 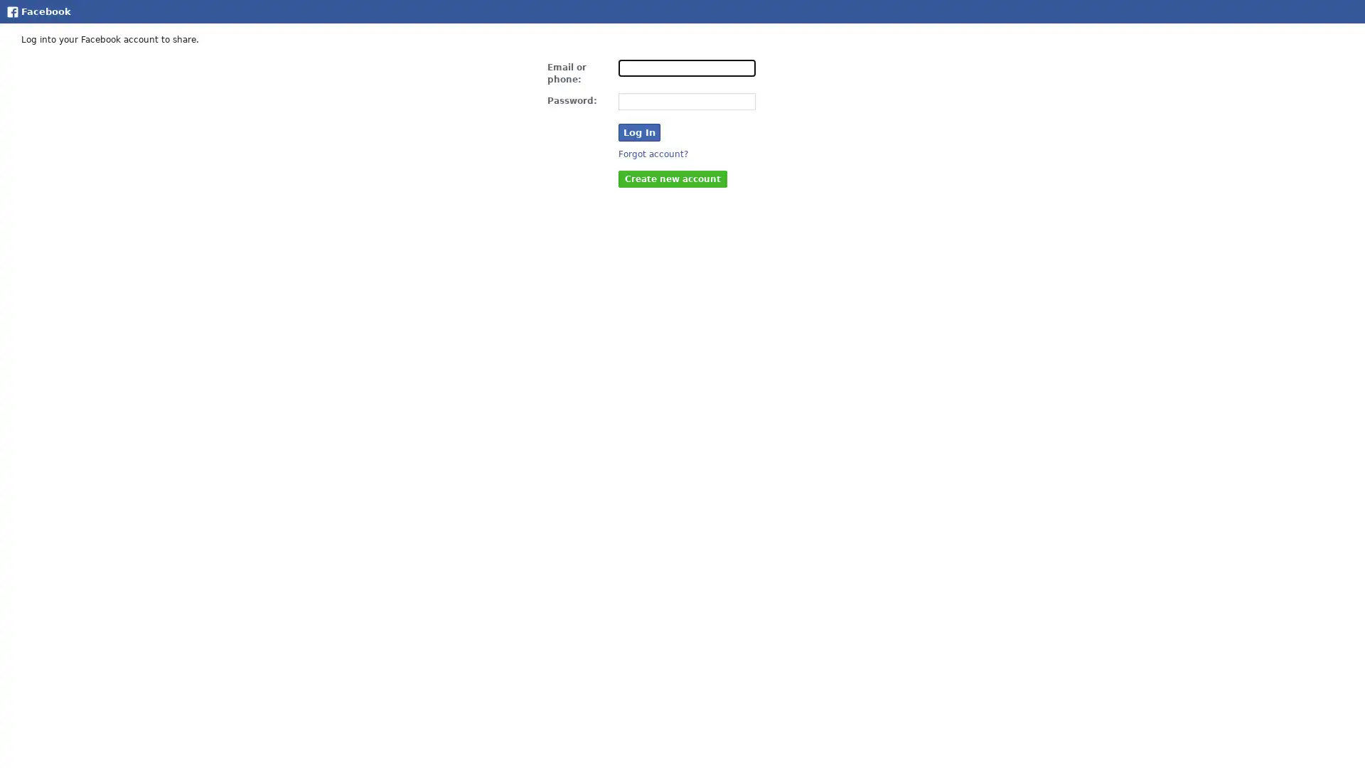 I want to click on Create new account, so click(x=672, y=177).